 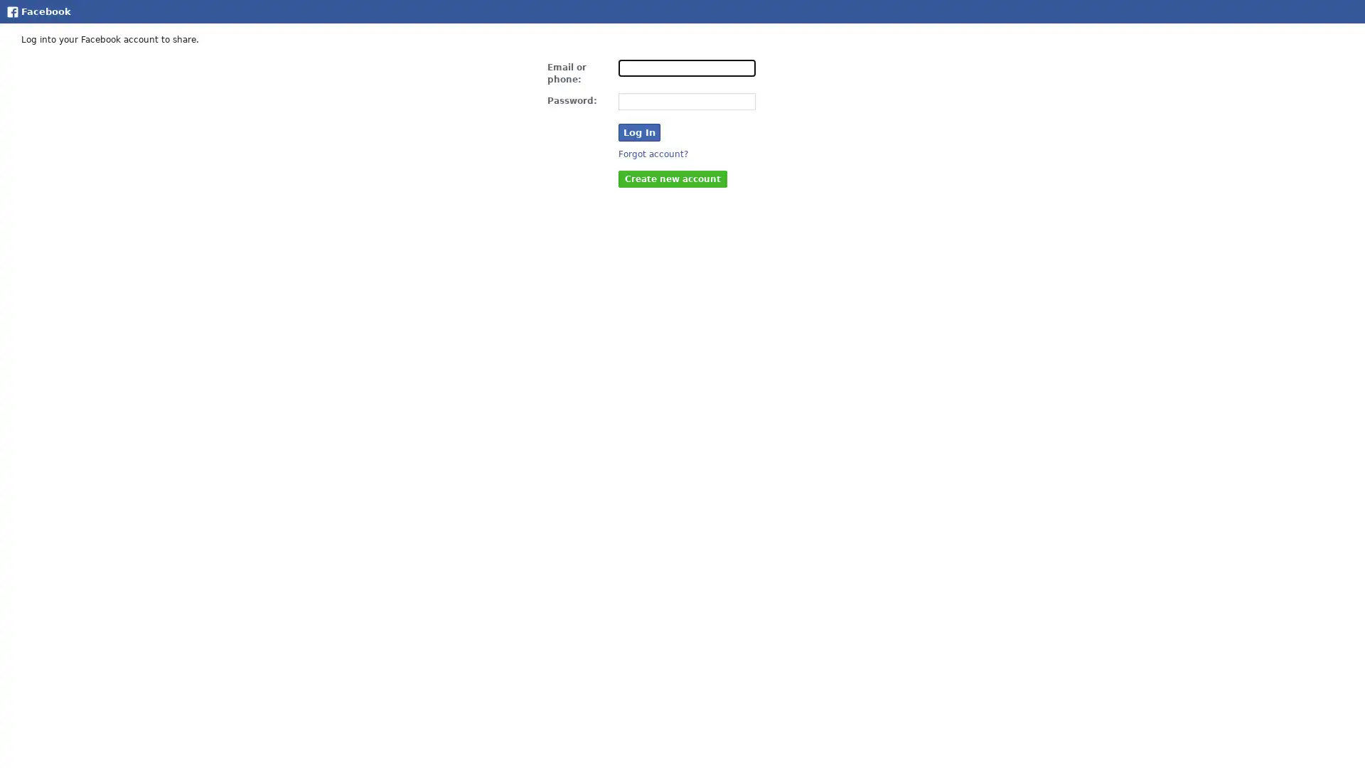 I want to click on Create new account, so click(x=672, y=177).